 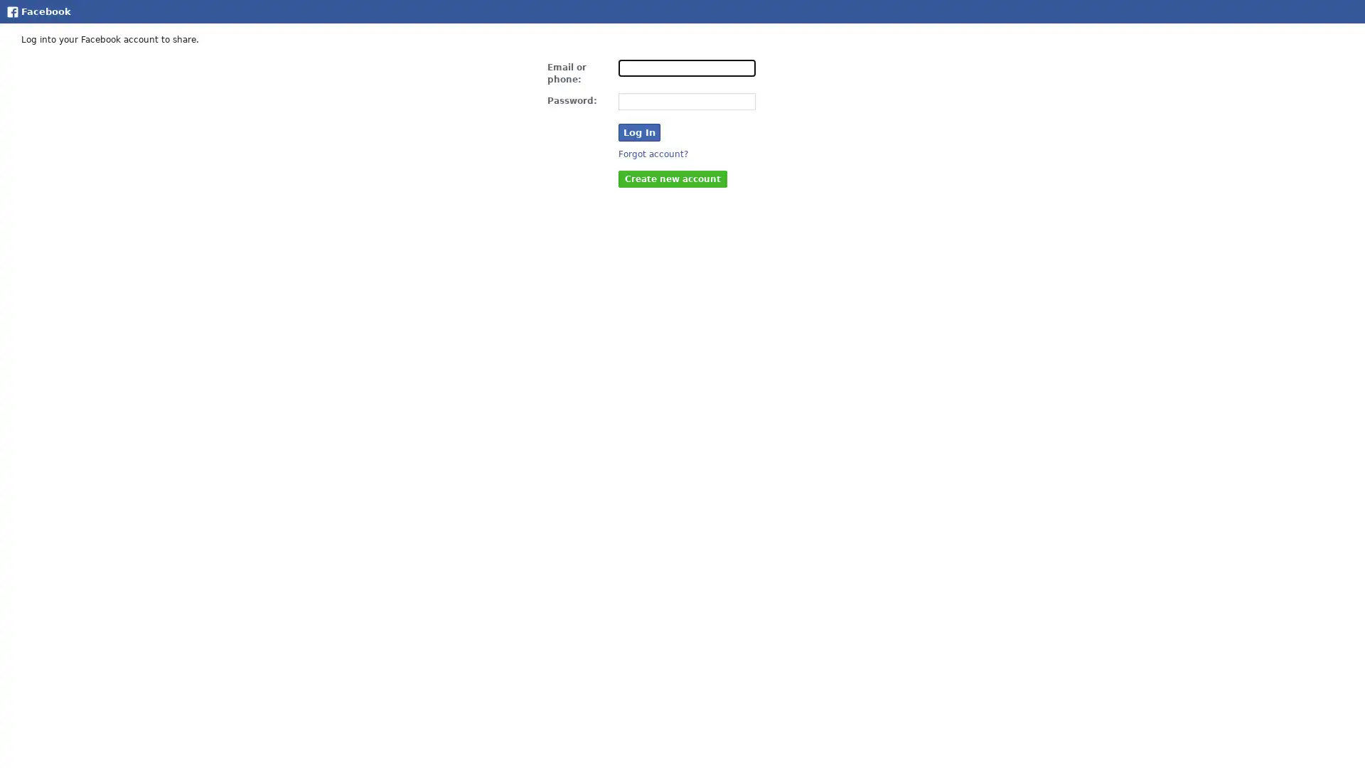 I want to click on Create new account, so click(x=672, y=177).